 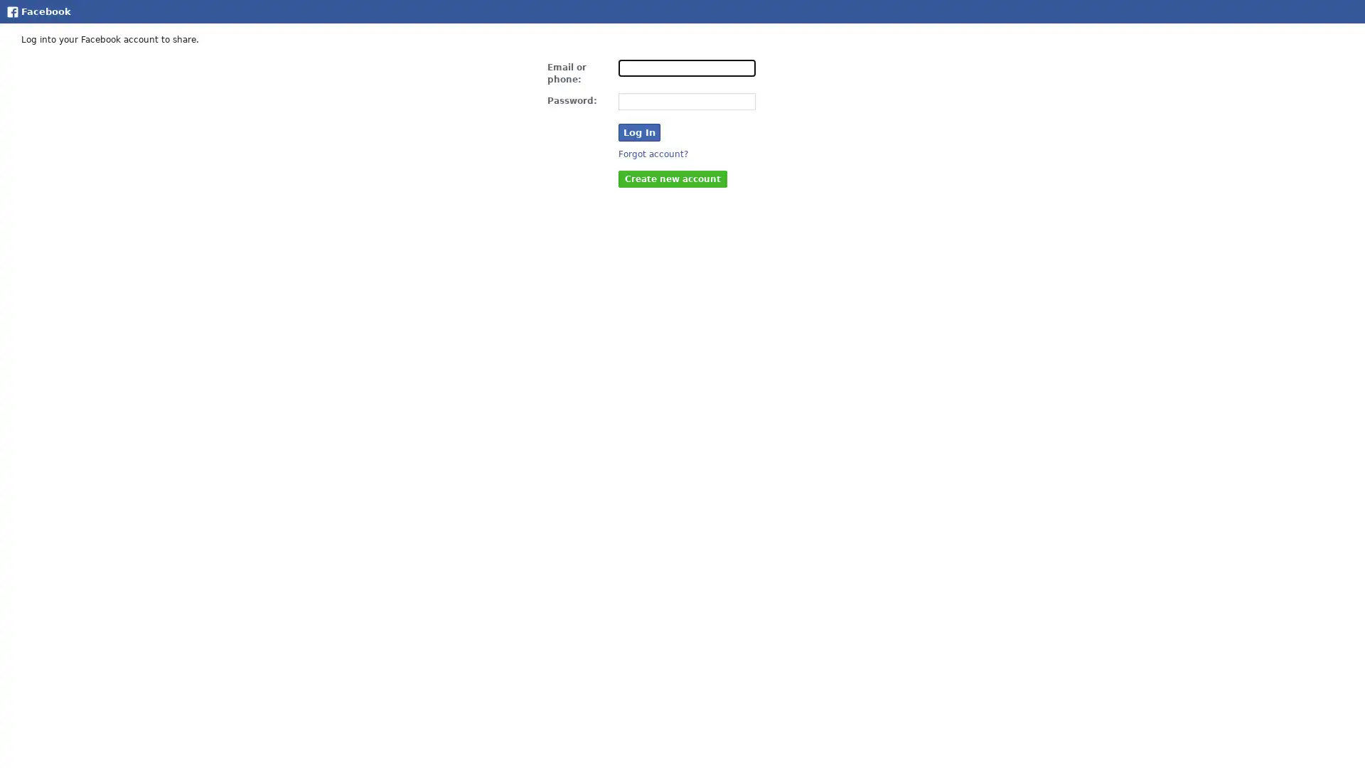 I want to click on Create new account, so click(x=672, y=177).